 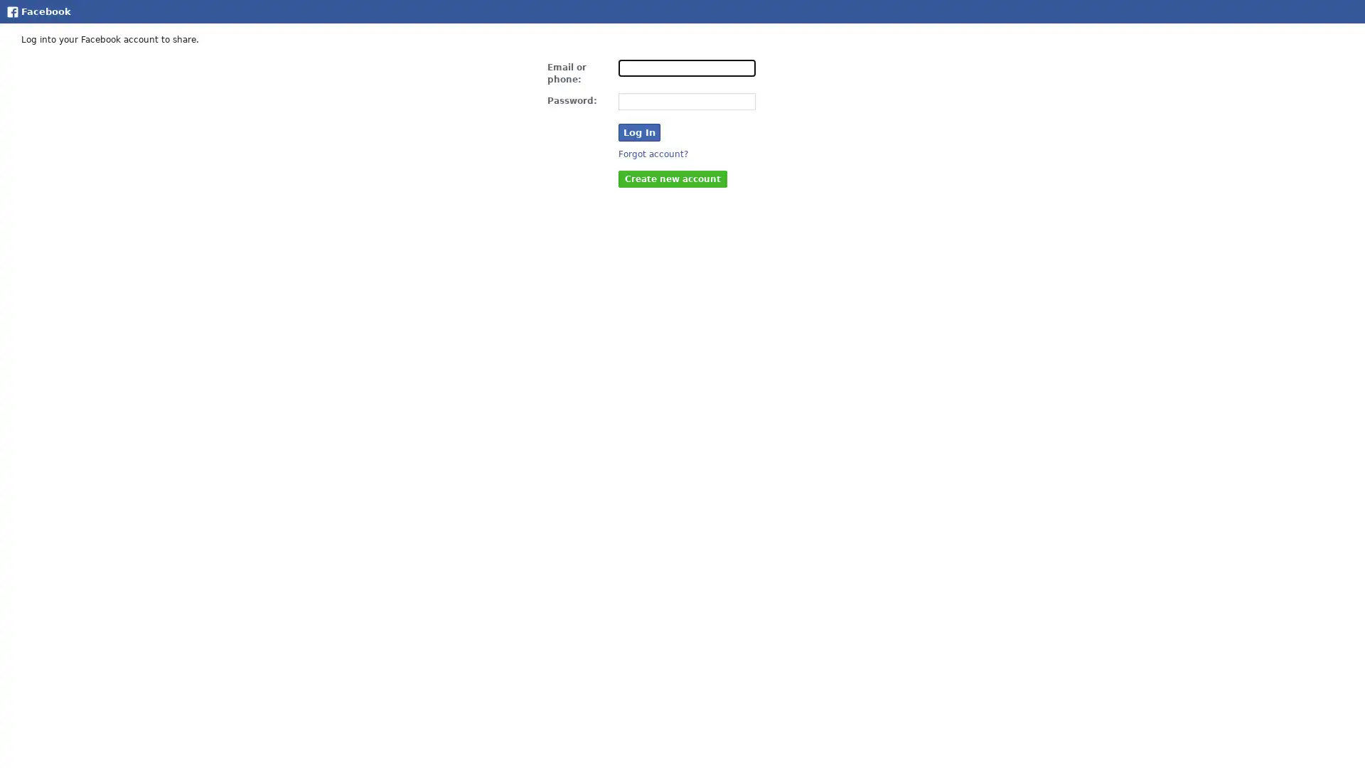 I want to click on Create new account, so click(x=672, y=177).